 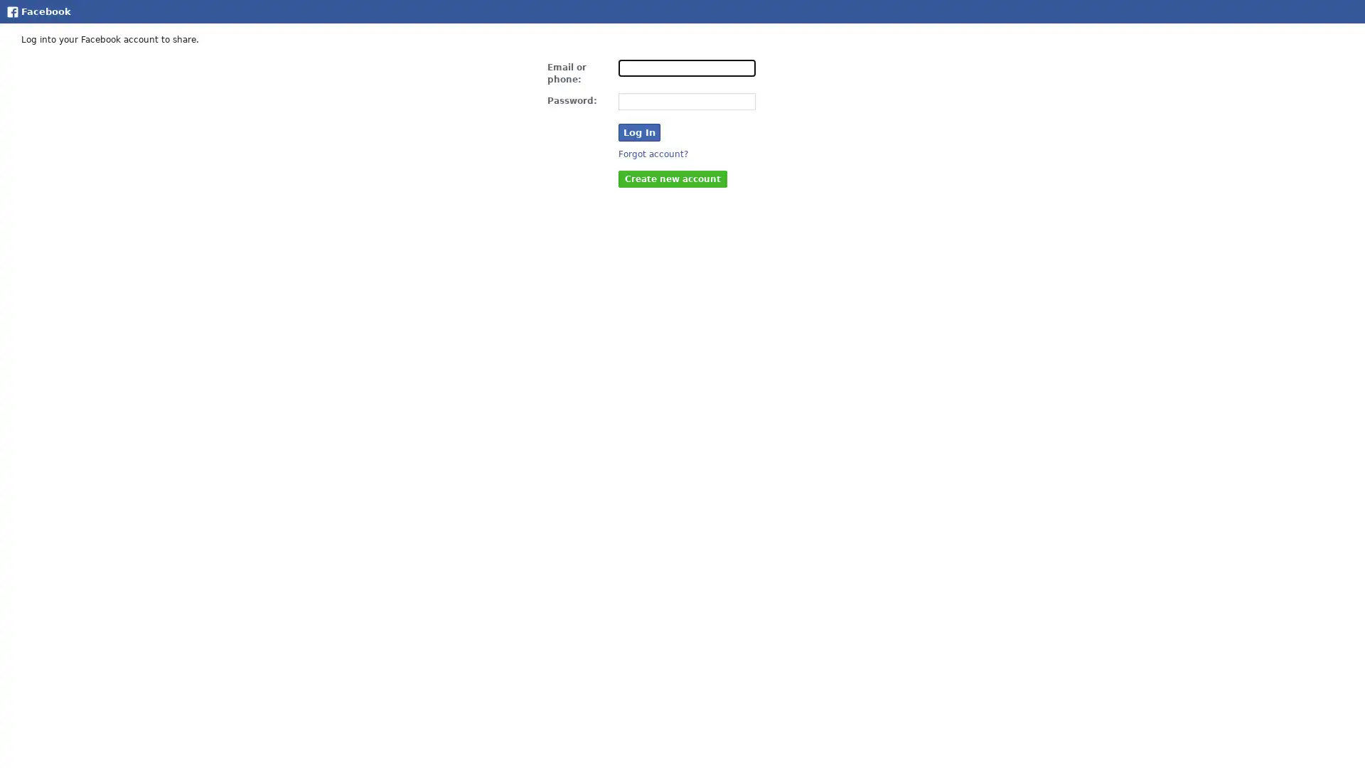 I want to click on Create new account, so click(x=672, y=177).